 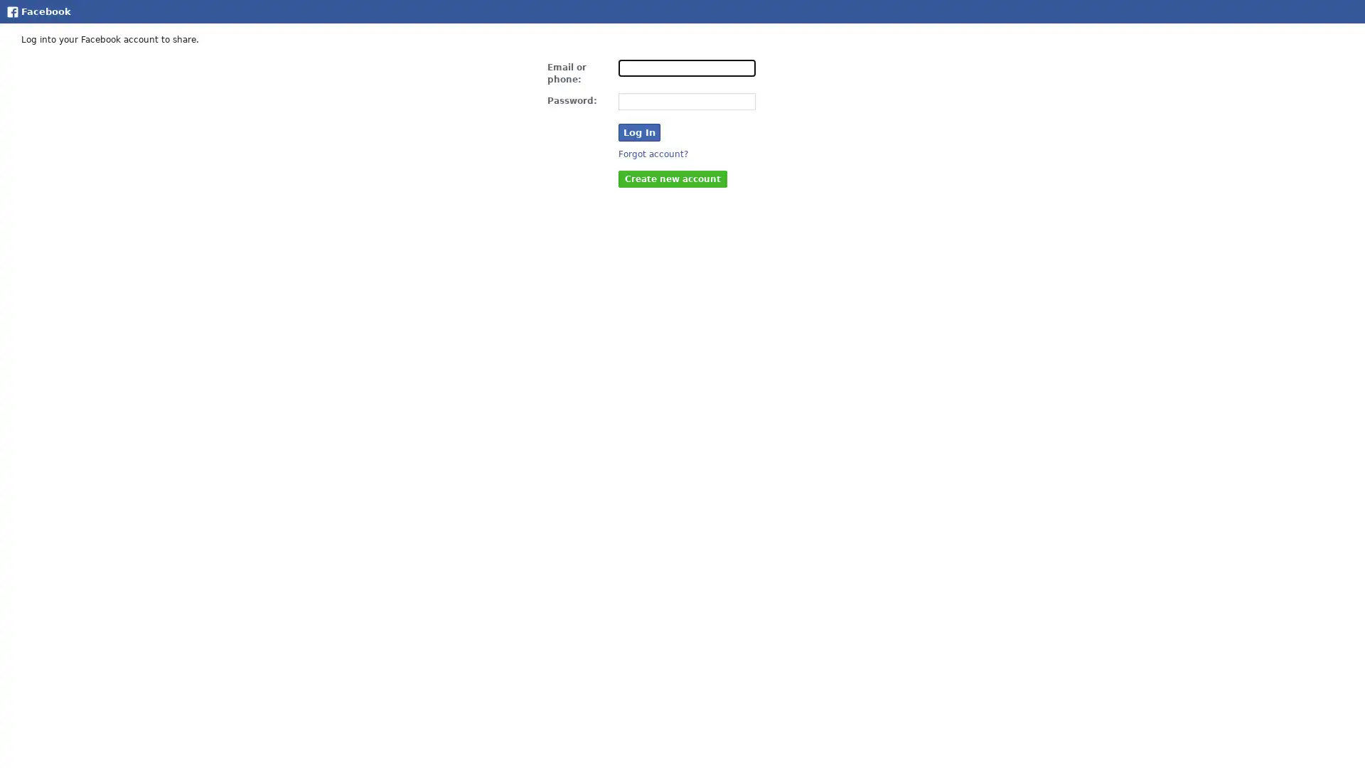 I want to click on Create new account, so click(x=672, y=177).